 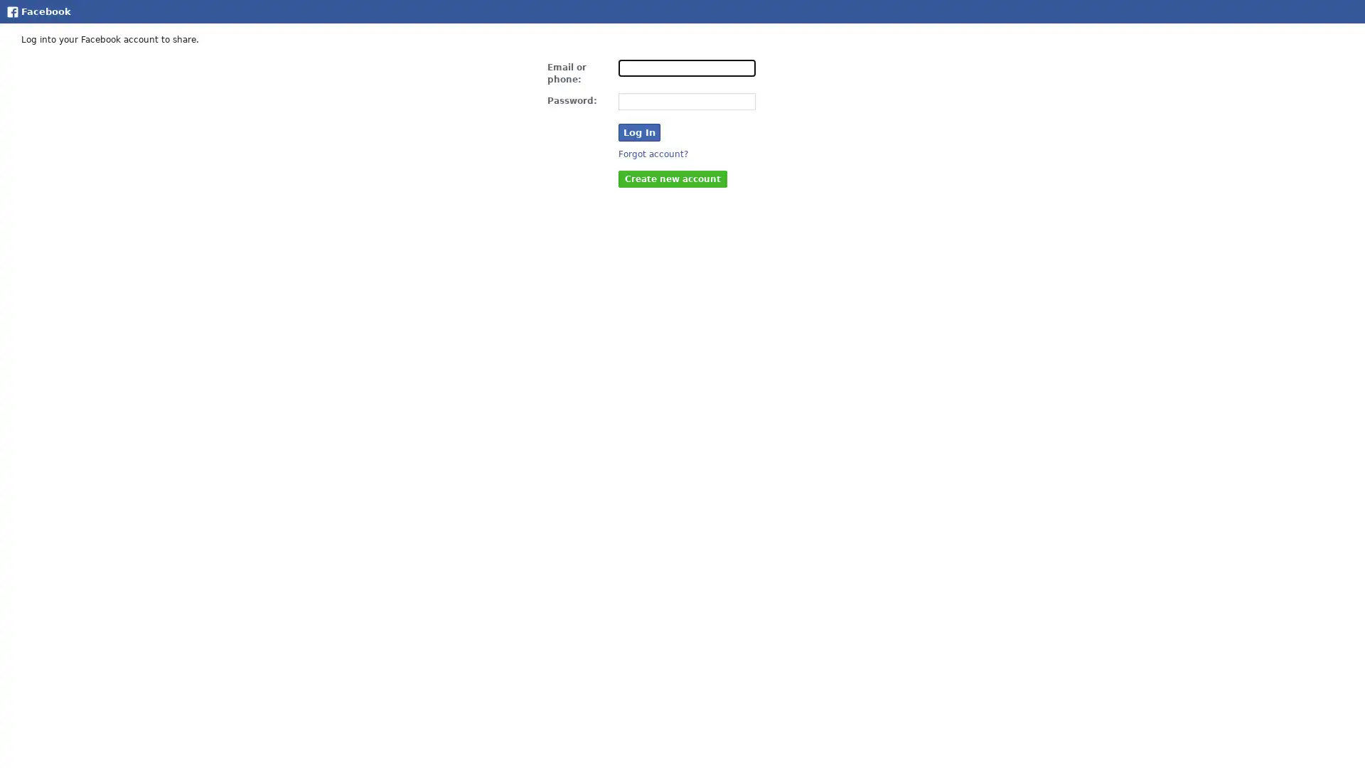 I want to click on Create new account, so click(x=672, y=177).